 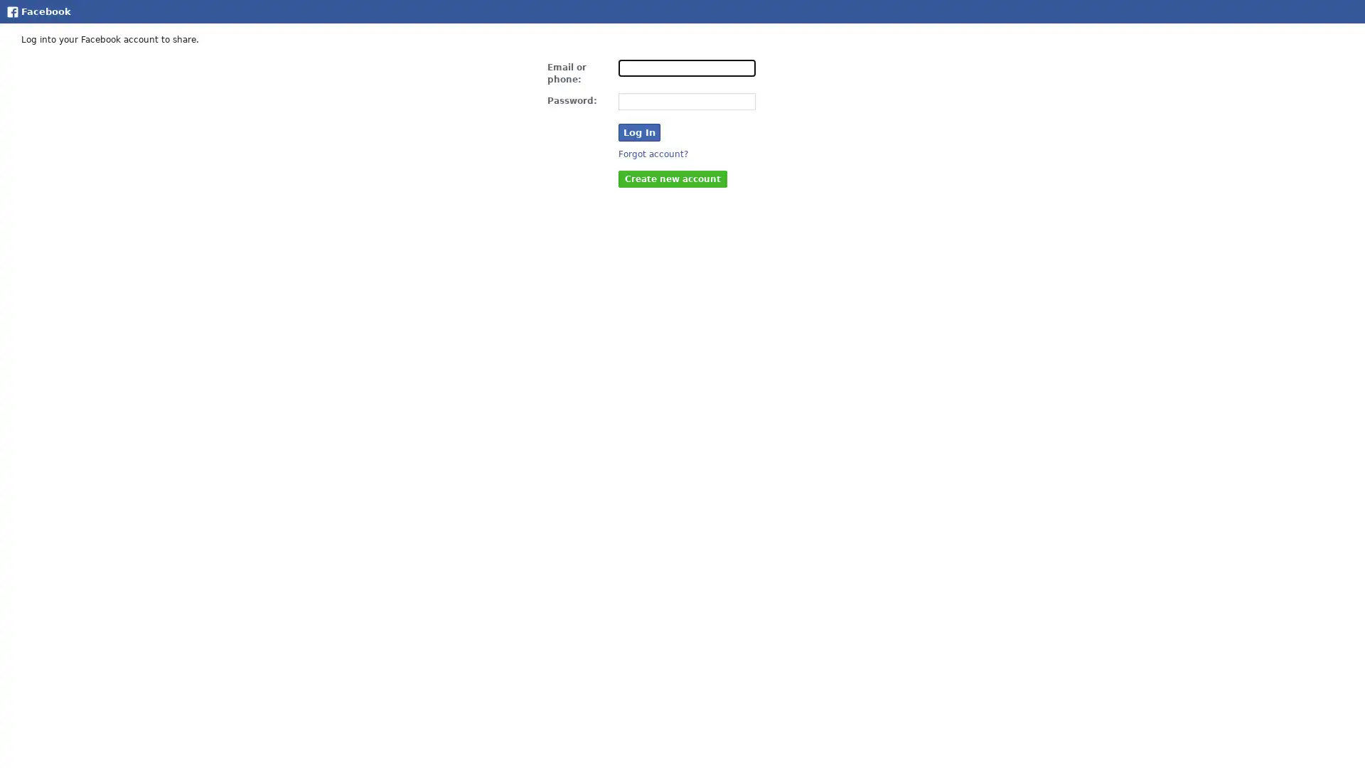 I want to click on Create new account, so click(x=672, y=177).